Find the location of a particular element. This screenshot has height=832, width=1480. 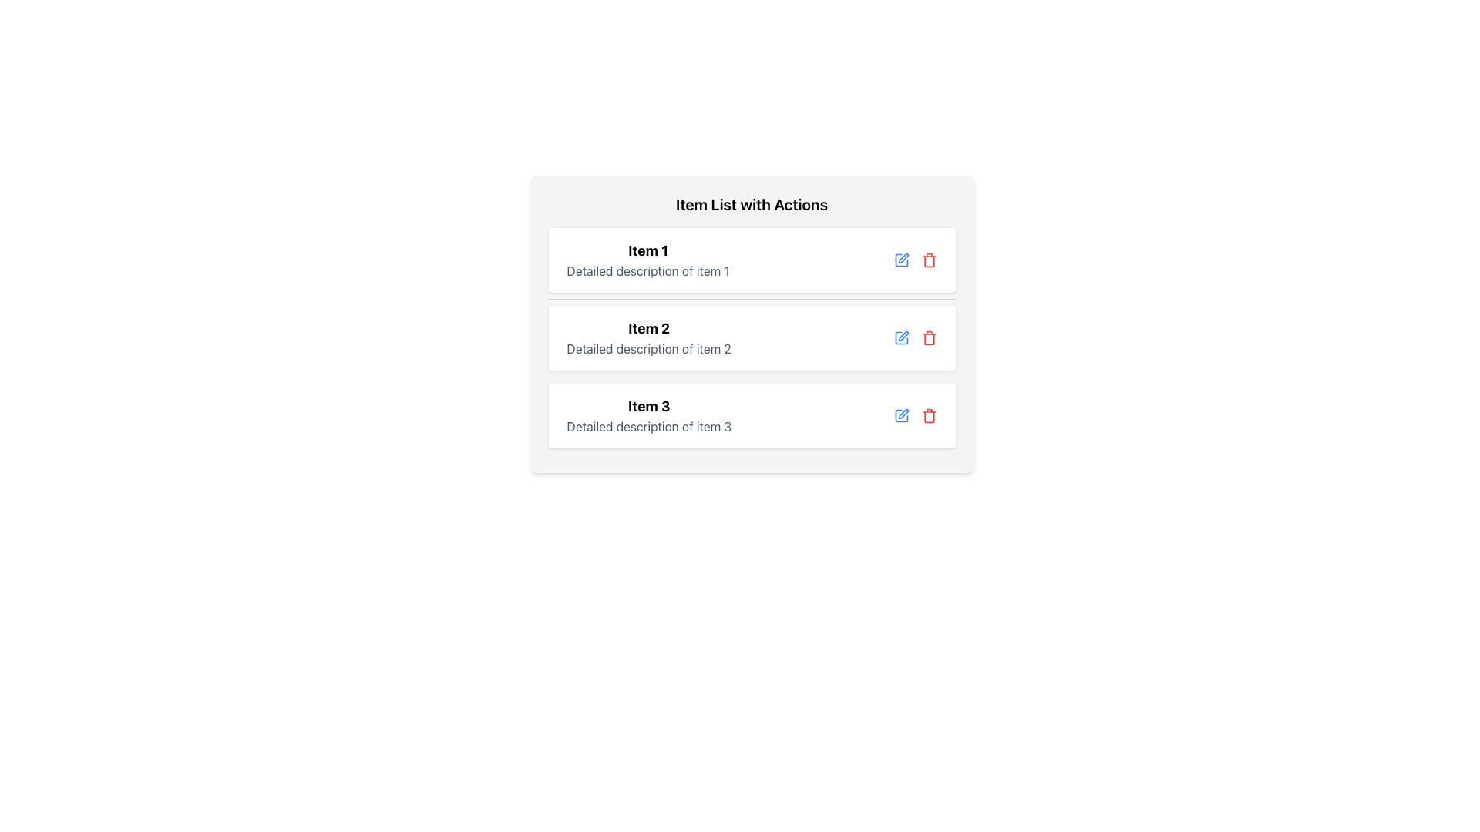

the Divider Line that visually separates the second and third items in the list component is located at coordinates (752, 377).